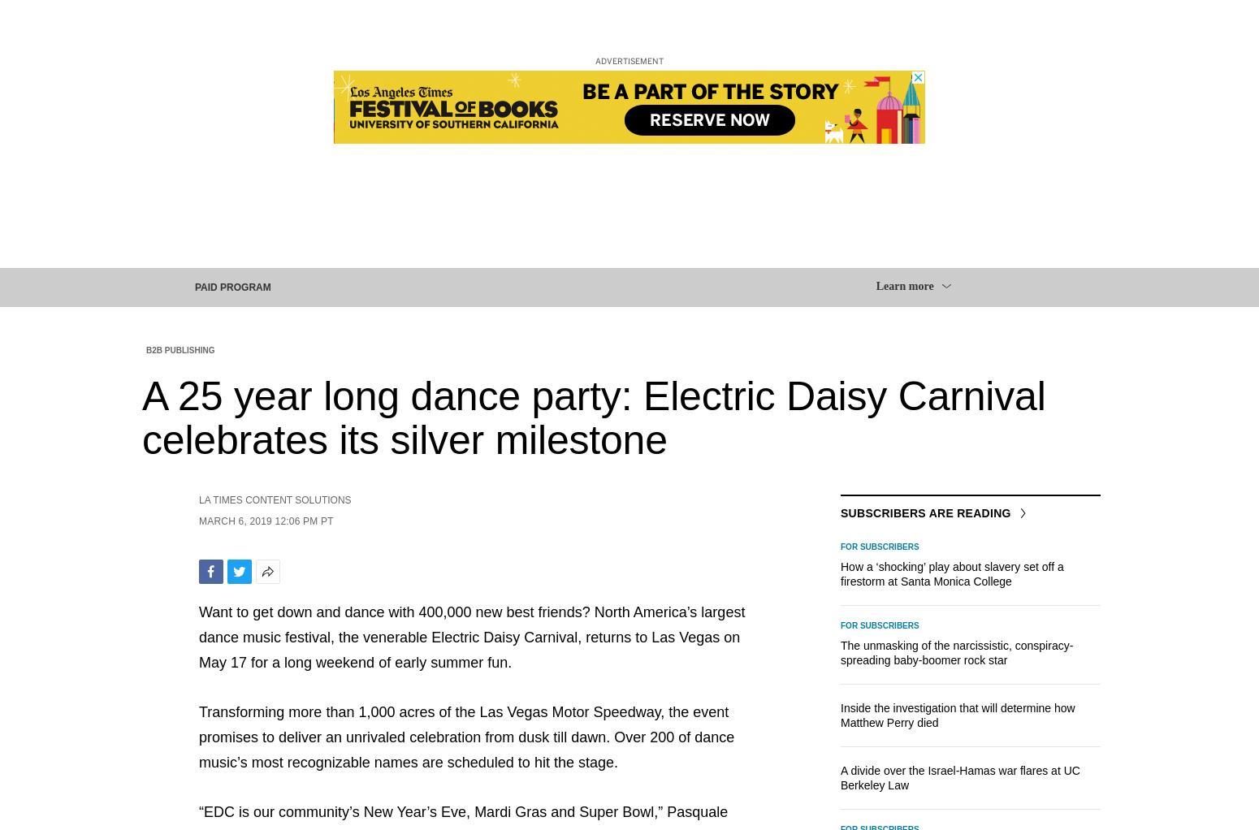 The height and width of the screenshot is (830, 1259). I want to click on '12:06 PM PT', so click(303, 521).